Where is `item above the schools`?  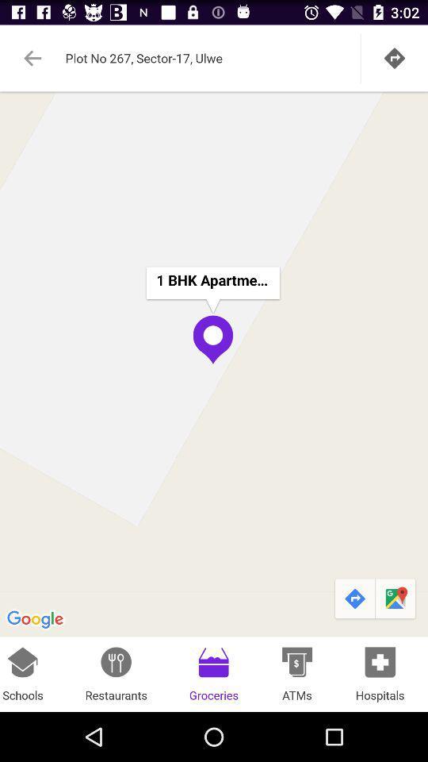
item above the schools is located at coordinates (214, 364).